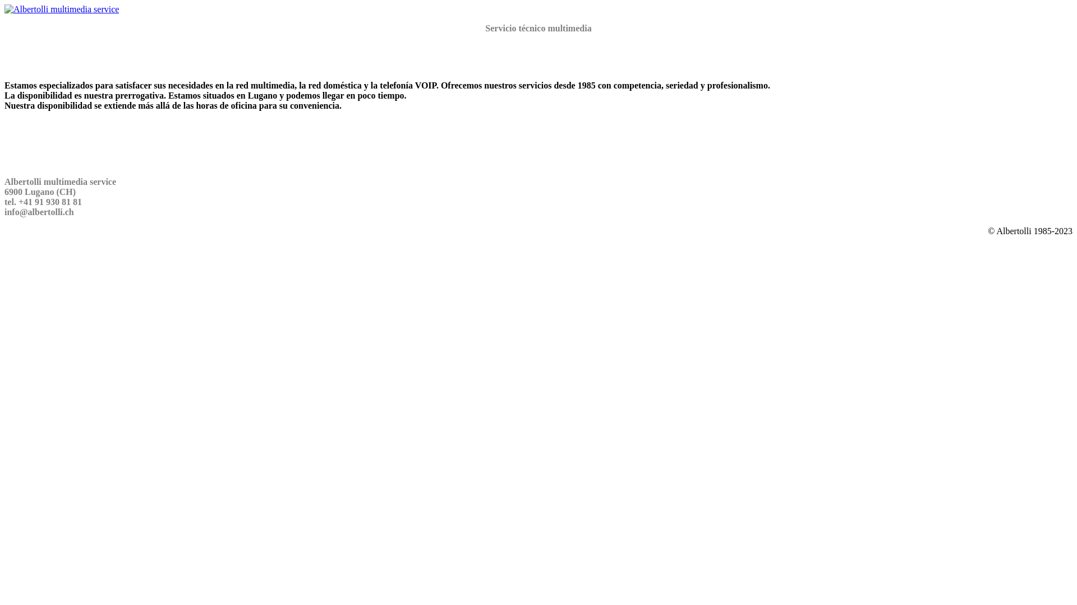  What do you see at coordinates (61, 9) in the screenshot?
I see `'Albertolli multimedia service'` at bounding box center [61, 9].